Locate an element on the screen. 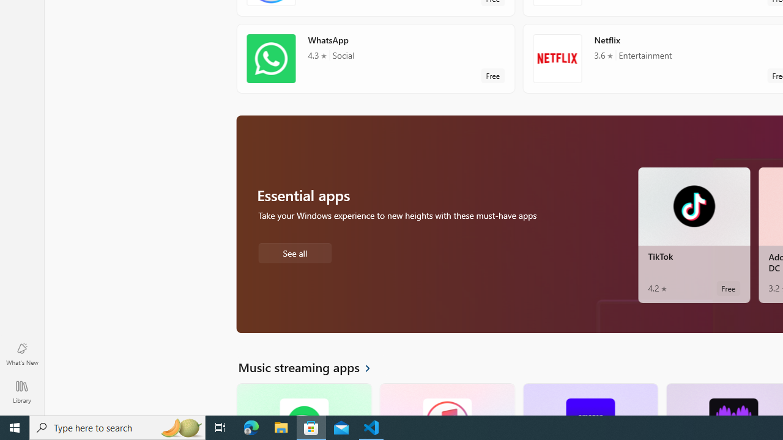 This screenshot has width=783, height=440. 'What' is located at coordinates (21, 353).